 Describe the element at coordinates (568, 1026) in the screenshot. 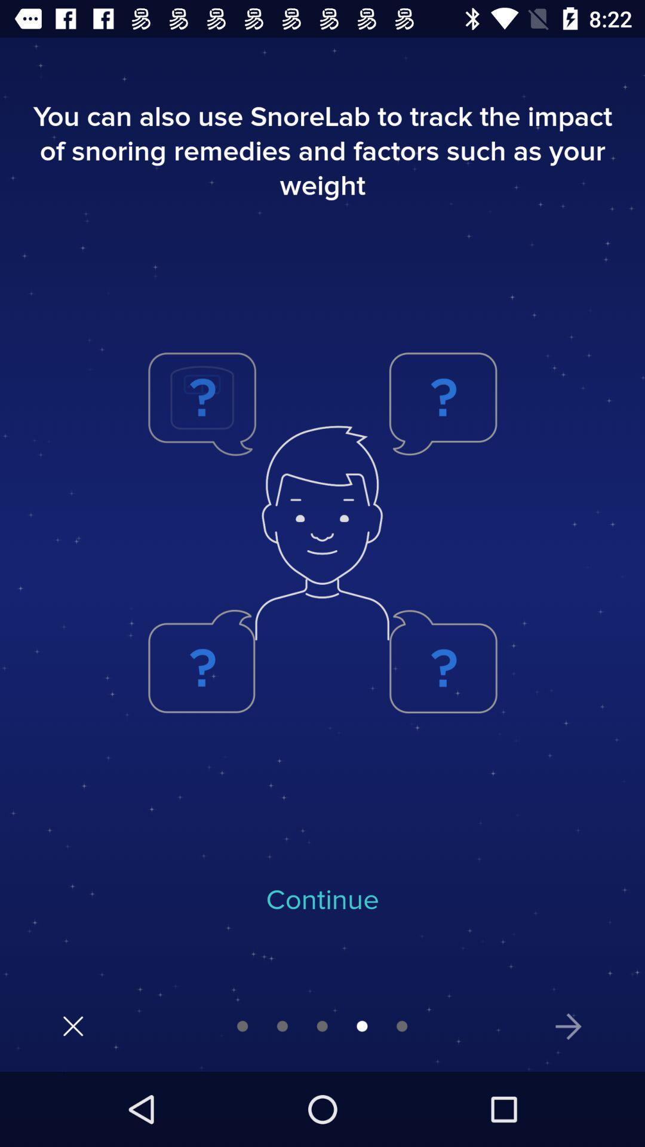

I see `the arrow_forward icon` at that location.